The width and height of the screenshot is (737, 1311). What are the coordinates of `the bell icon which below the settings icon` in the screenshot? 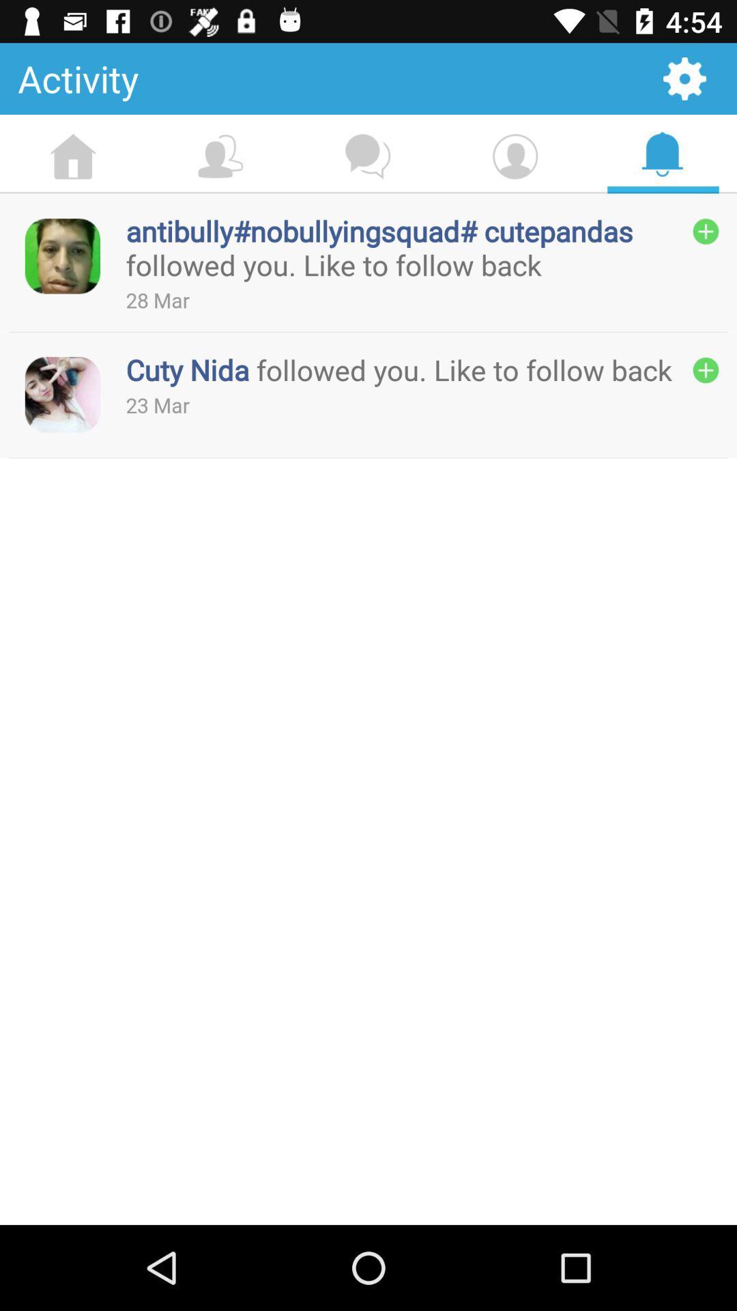 It's located at (662, 154).